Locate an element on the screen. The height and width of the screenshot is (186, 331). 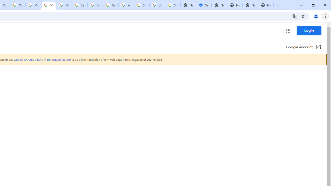
'Close' is located at coordinates (51, 5).